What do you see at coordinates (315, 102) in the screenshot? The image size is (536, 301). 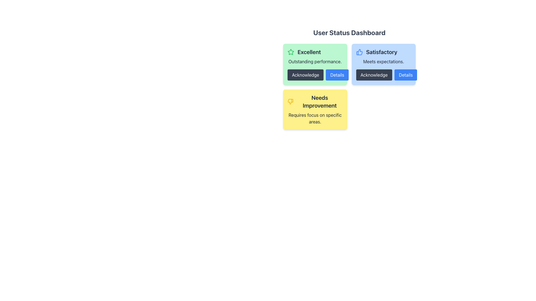 I see `the 'Needs Improvement' text label, which is styled in bold black font on a yellow background and is positioned to the right of a thumbs-down icon` at bounding box center [315, 102].